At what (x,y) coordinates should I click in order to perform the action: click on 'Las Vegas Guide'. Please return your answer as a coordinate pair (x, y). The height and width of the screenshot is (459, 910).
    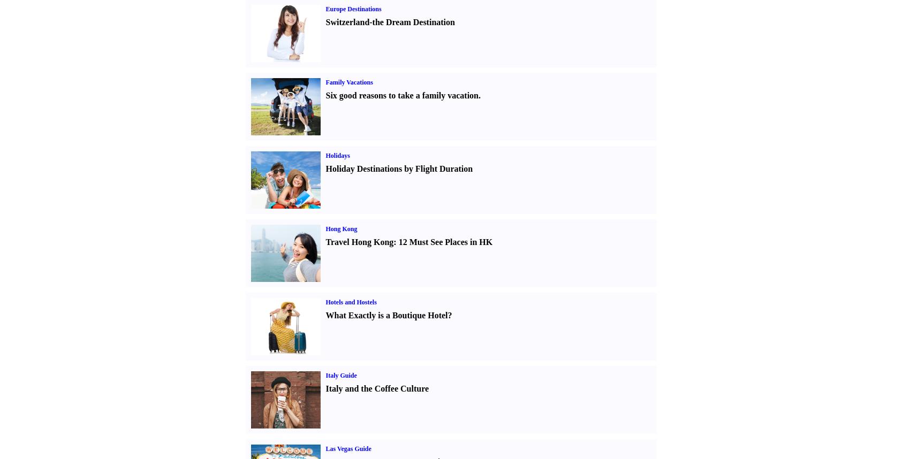
    Looking at the image, I should click on (324, 448).